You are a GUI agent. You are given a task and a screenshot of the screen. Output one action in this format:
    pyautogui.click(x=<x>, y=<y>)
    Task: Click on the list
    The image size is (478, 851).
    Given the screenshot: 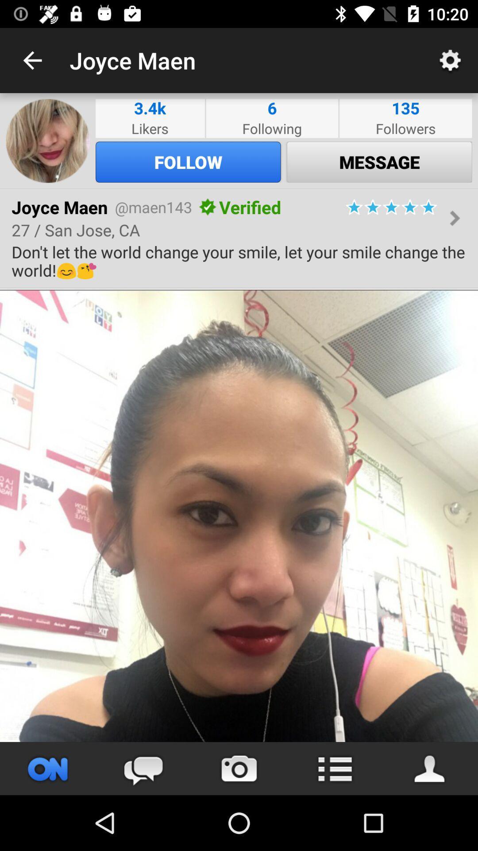 What is the action you would take?
    pyautogui.click(x=335, y=768)
    